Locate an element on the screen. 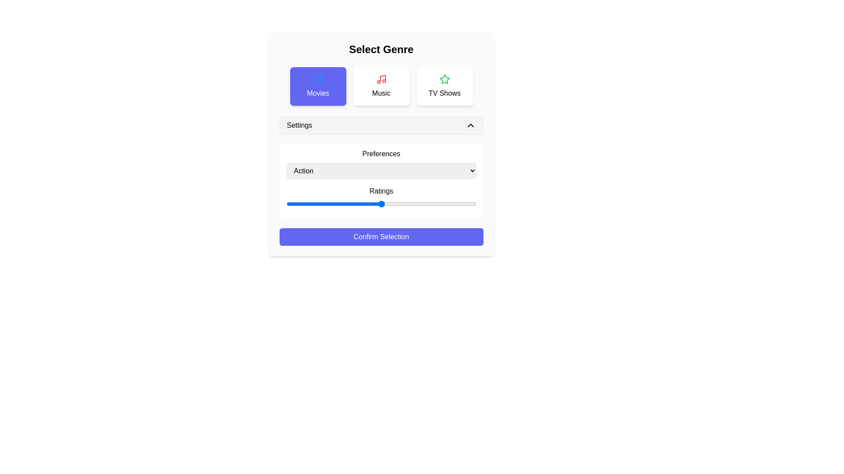 This screenshot has width=844, height=474. the rating value is located at coordinates (286, 204).